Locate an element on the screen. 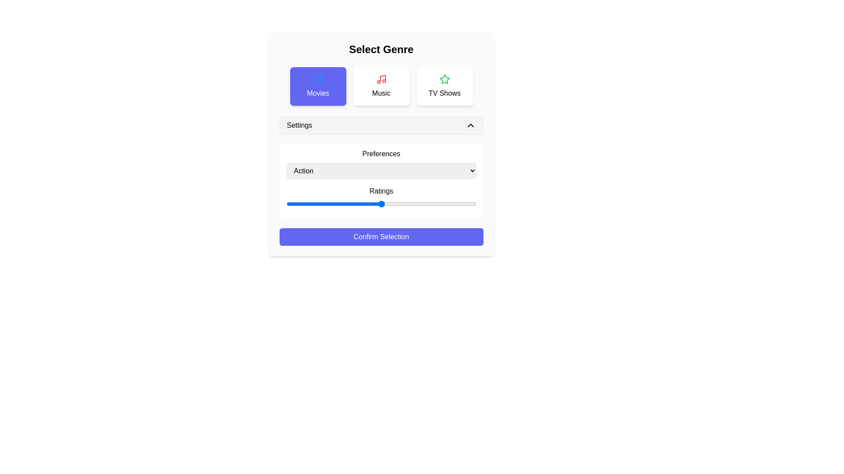 This screenshot has width=844, height=474. the rating value is located at coordinates (286, 204).